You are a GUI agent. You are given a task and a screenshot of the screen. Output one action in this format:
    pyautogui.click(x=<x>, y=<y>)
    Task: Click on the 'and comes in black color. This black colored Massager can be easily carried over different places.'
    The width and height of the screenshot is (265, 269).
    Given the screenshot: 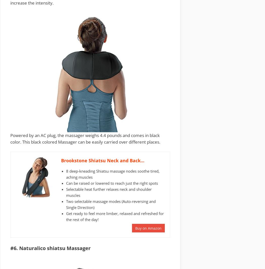 What is the action you would take?
    pyautogui.click(x=85, y=138)
    